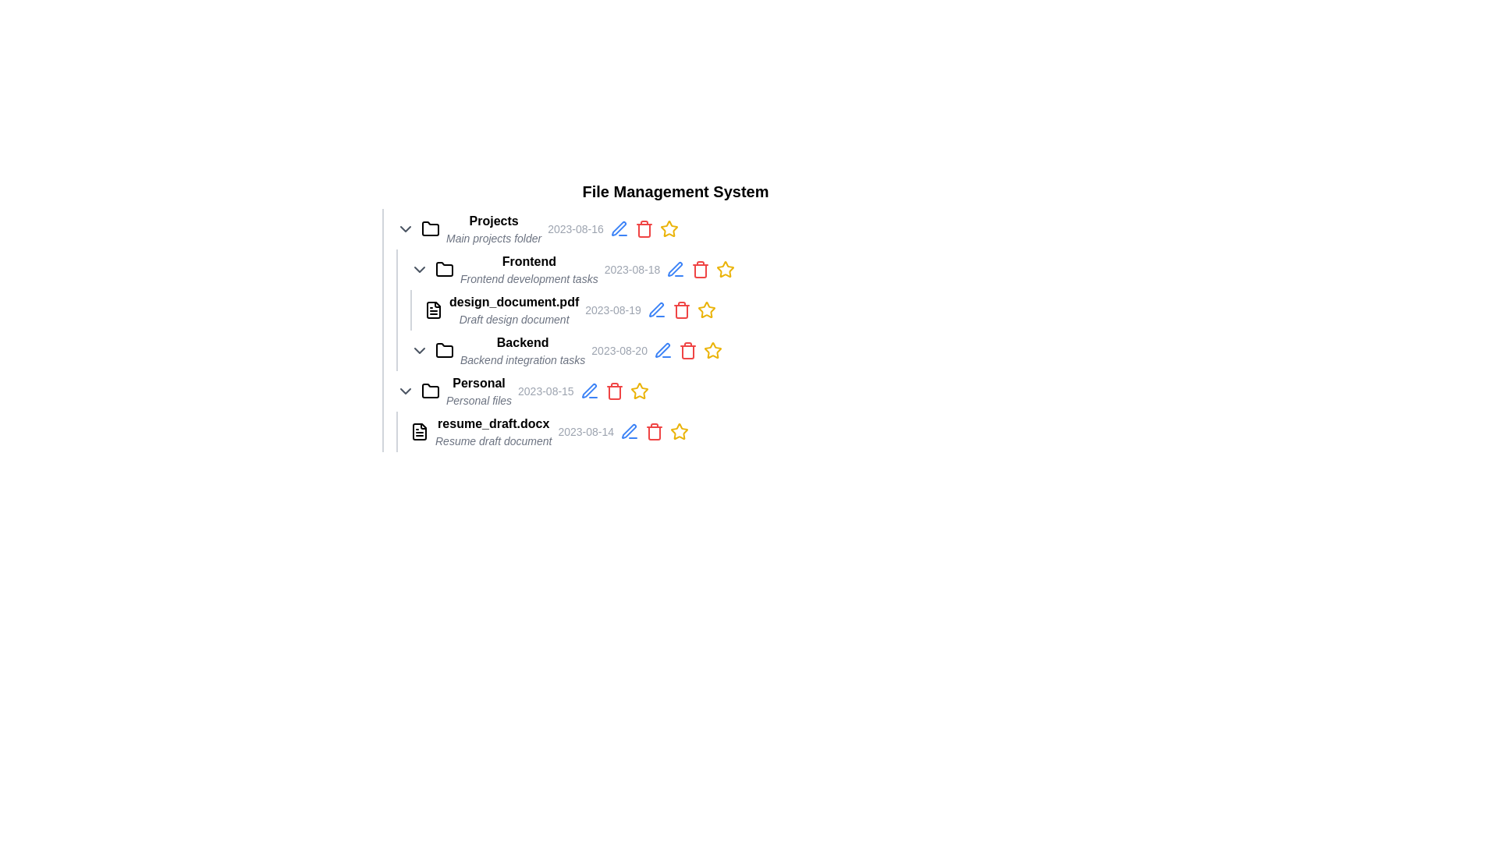  Describe the element at coordinates (478, 384) in the screenshot. I see `the 'Personal' folder label located under the 'Backend' folder in the file management system` at that location.